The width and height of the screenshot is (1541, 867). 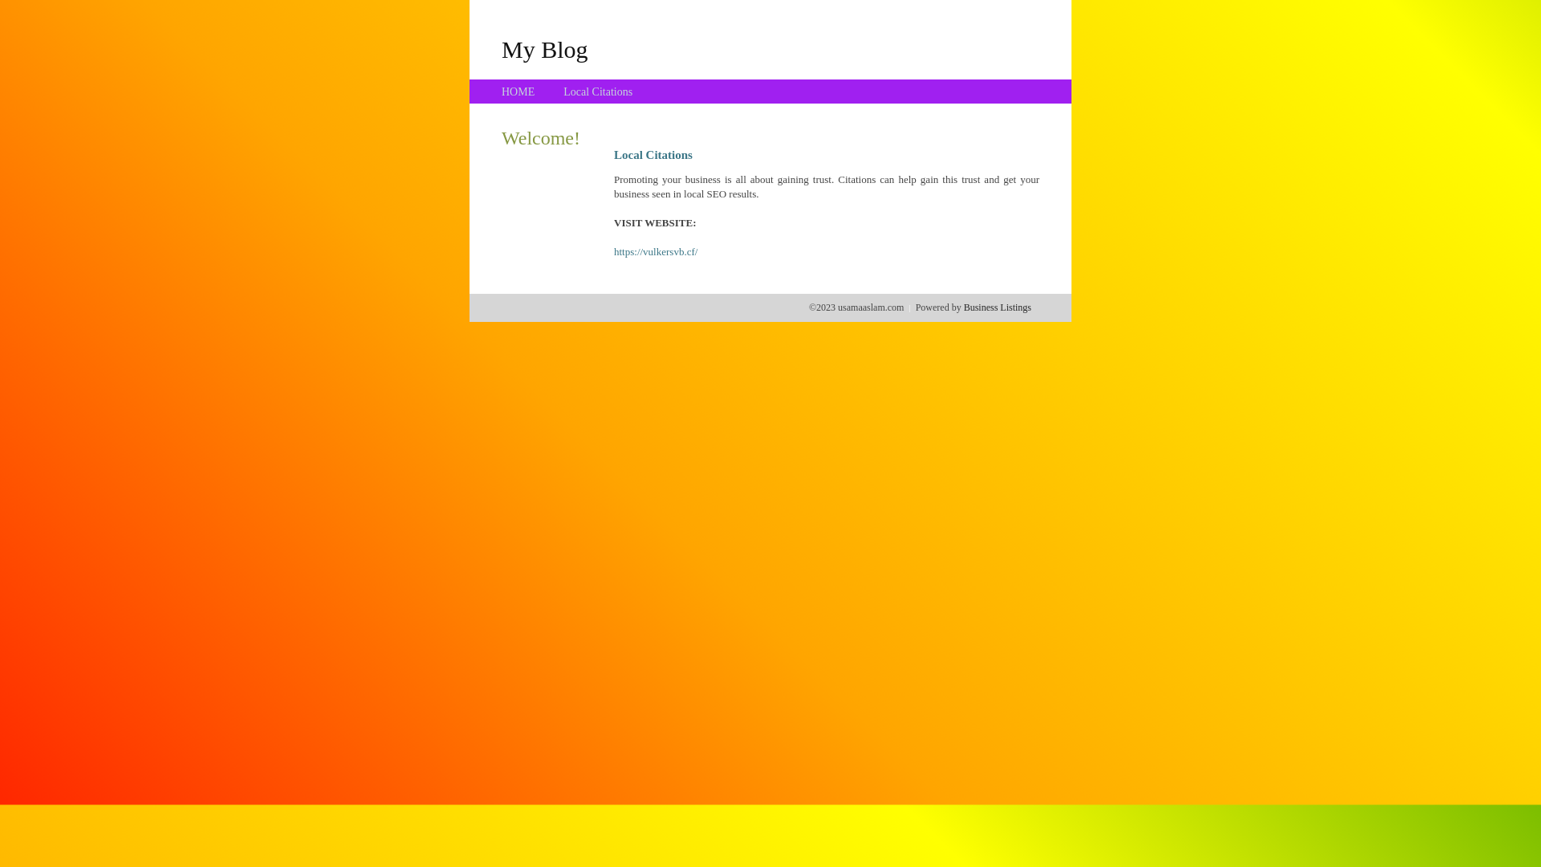 I want to click on 'HOME', so click(x=518, y=92).